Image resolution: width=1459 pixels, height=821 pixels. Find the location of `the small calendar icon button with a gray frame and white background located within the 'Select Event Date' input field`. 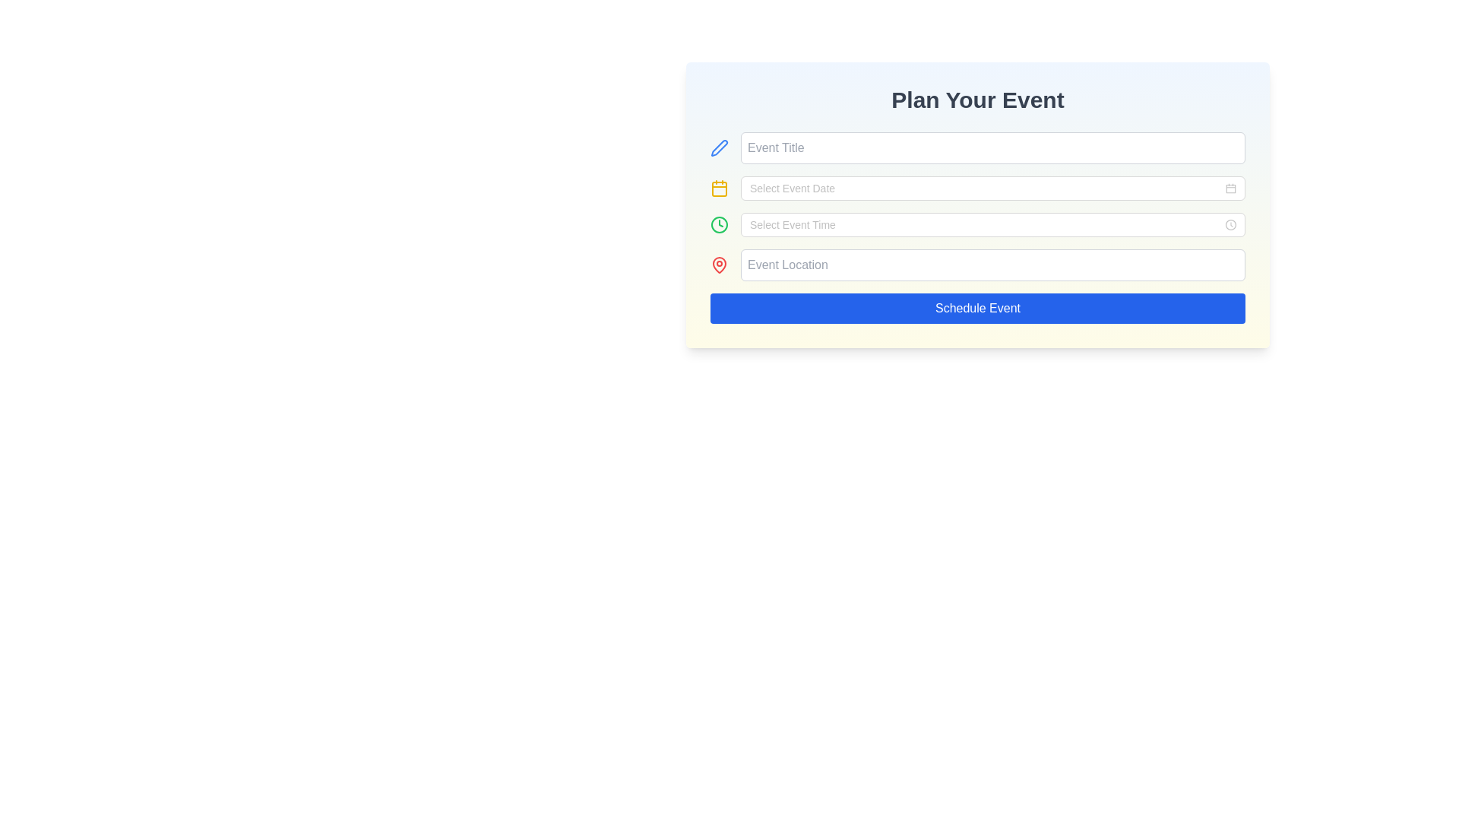

the small calendar icon button with a gray frame and white background located within the 'Select Event Date' input field is located at coordinates (1231, 187).